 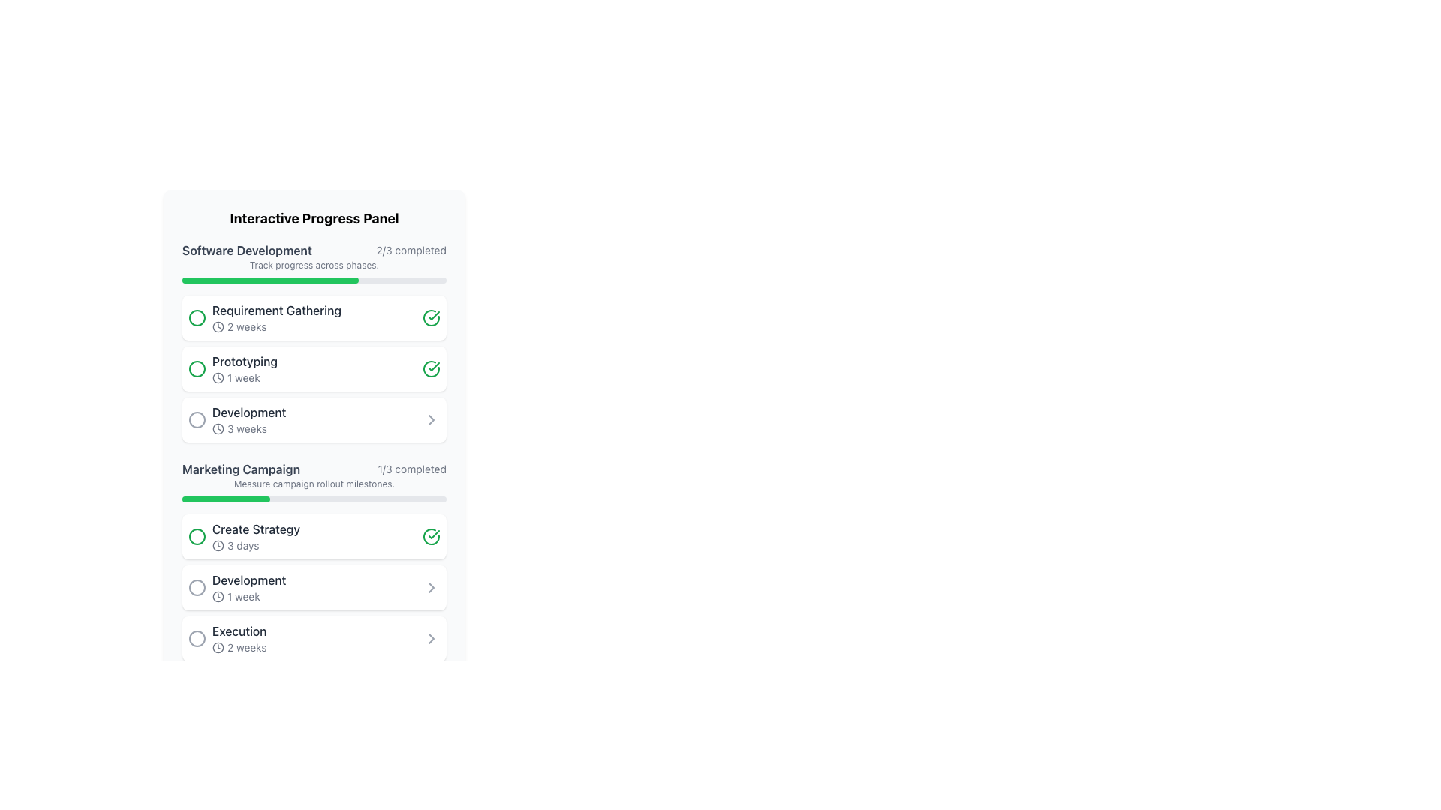 What do you see at coordinates (218, 325) in the screenshot?
I see `the circular outline of the clock icon that represents time, located next to the 'Requirement Gathering' task label` at bounding box center [218, 325].